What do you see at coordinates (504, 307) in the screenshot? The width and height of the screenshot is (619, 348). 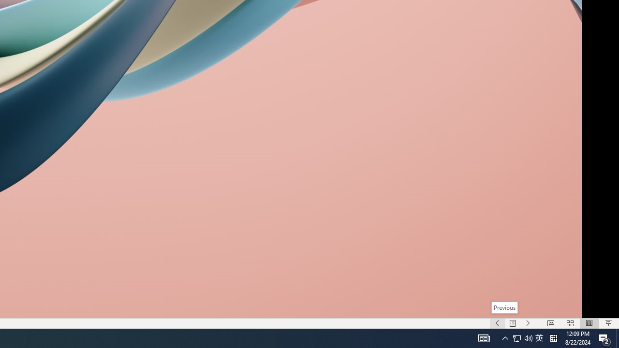 I see `'Previous'` at bounding box center [504, 307].